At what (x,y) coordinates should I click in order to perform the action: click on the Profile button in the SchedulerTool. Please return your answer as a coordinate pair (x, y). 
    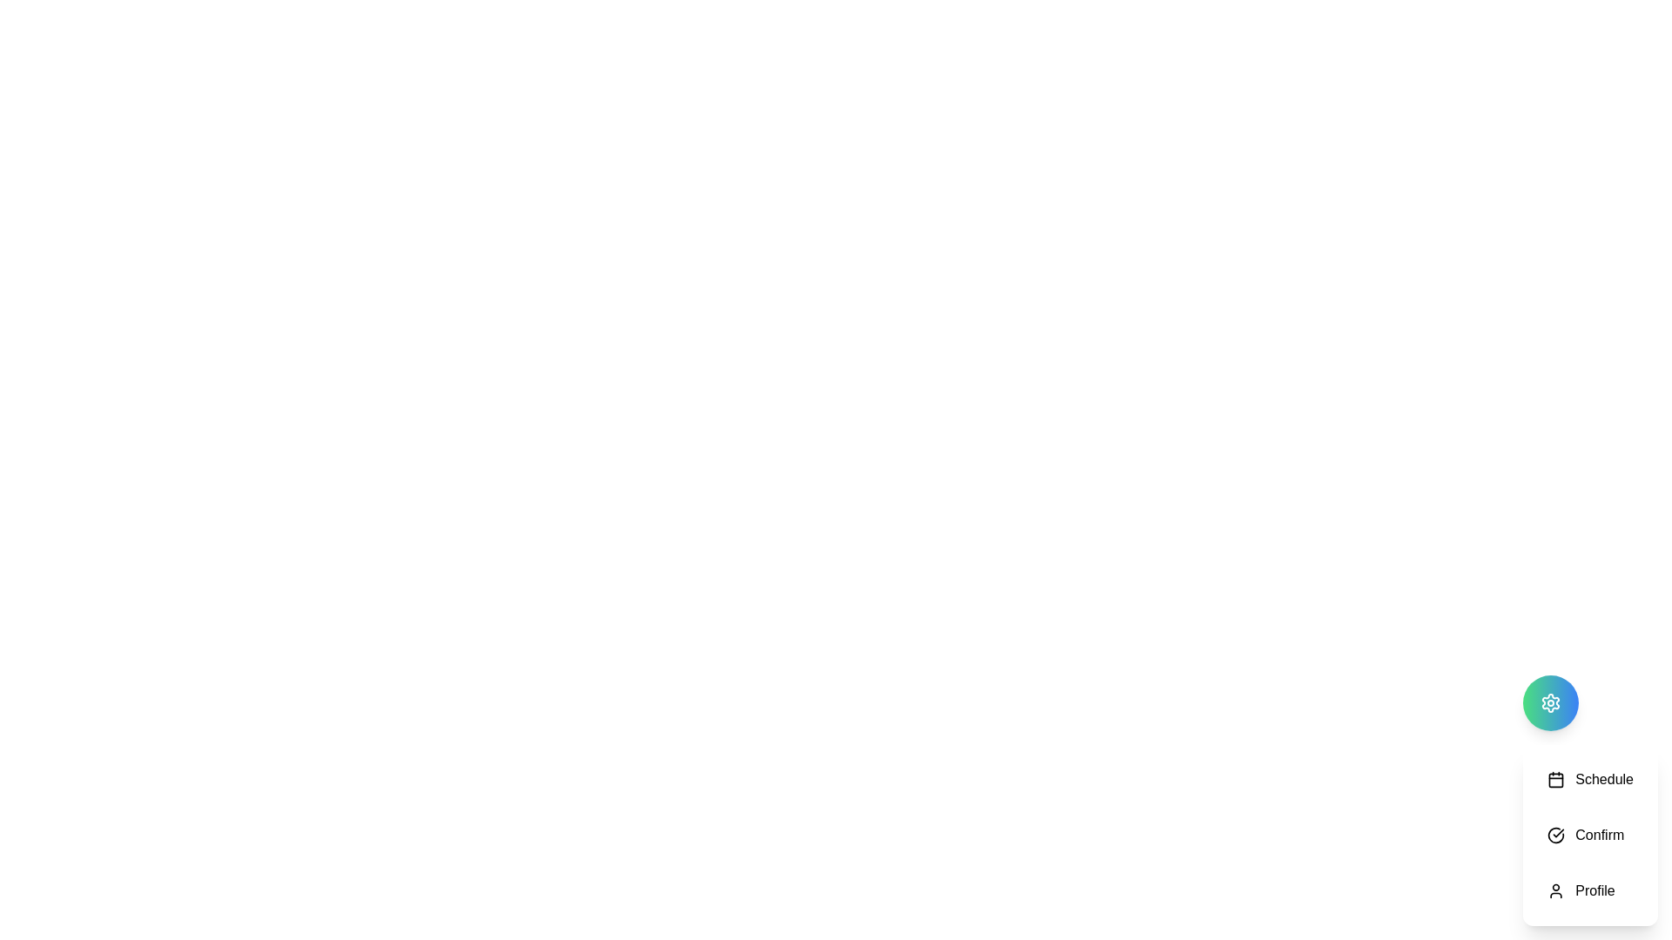
    Looking at the image, I should click on (1590, 890).